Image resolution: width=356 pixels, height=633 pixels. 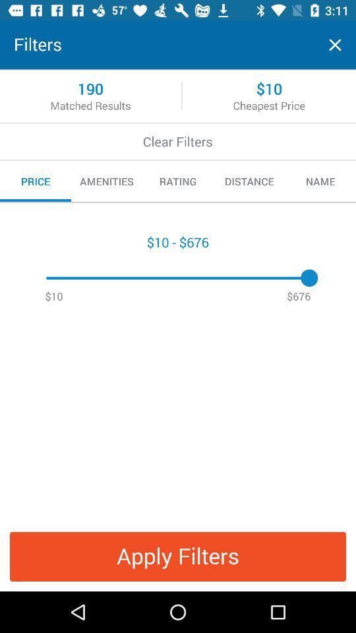 I want to click on icon to the left of name icon, so click(x=249, y=181).